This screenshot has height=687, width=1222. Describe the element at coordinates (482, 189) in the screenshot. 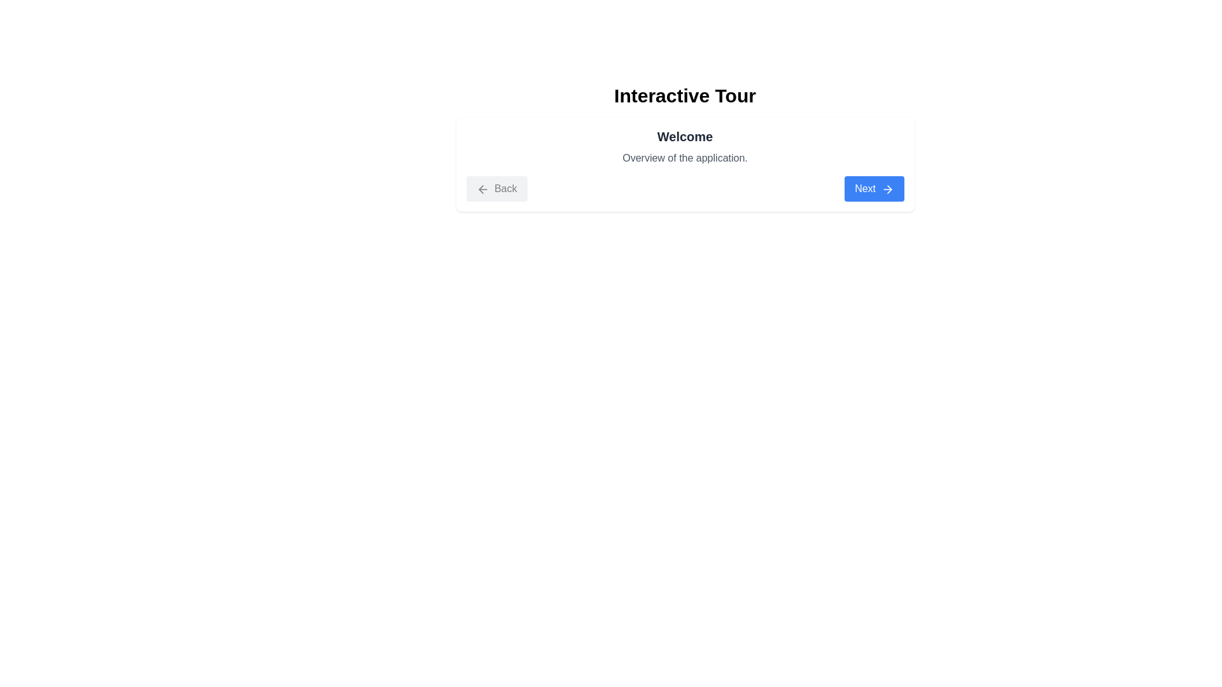

I see `the visual cue icon for the 'Back' button located at the bottom-left corner of the central panel, which precedes the text 'Back'` at that location.